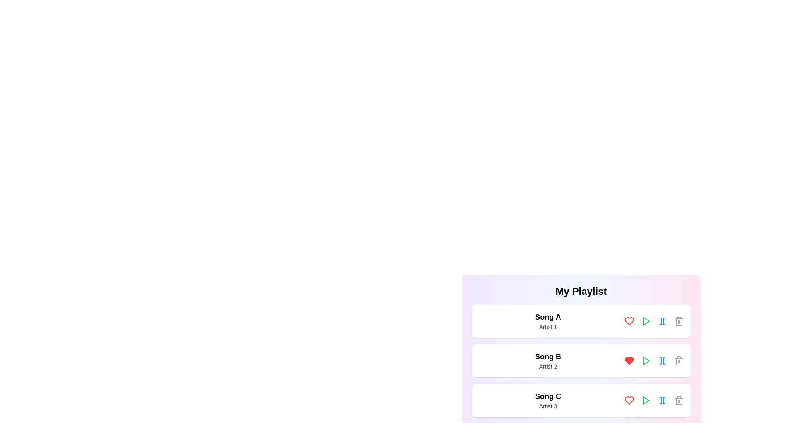 This screenshot has height=446, width=794. I want to click on the play button for Song A, so click(645, 321).